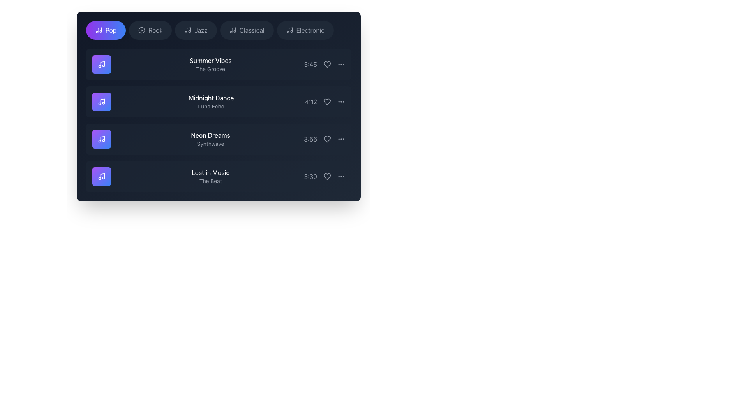 Image resolution: width=748 pixels, height=420 pixels. Describe the element at coordinates (310, 101) in the screenshot. I see `text value displayed in the gray Text label showing '4:12', located in the second row of the list, to the right of a heart icon and slightly to the left of a vertical ellipsis menu` at that location.